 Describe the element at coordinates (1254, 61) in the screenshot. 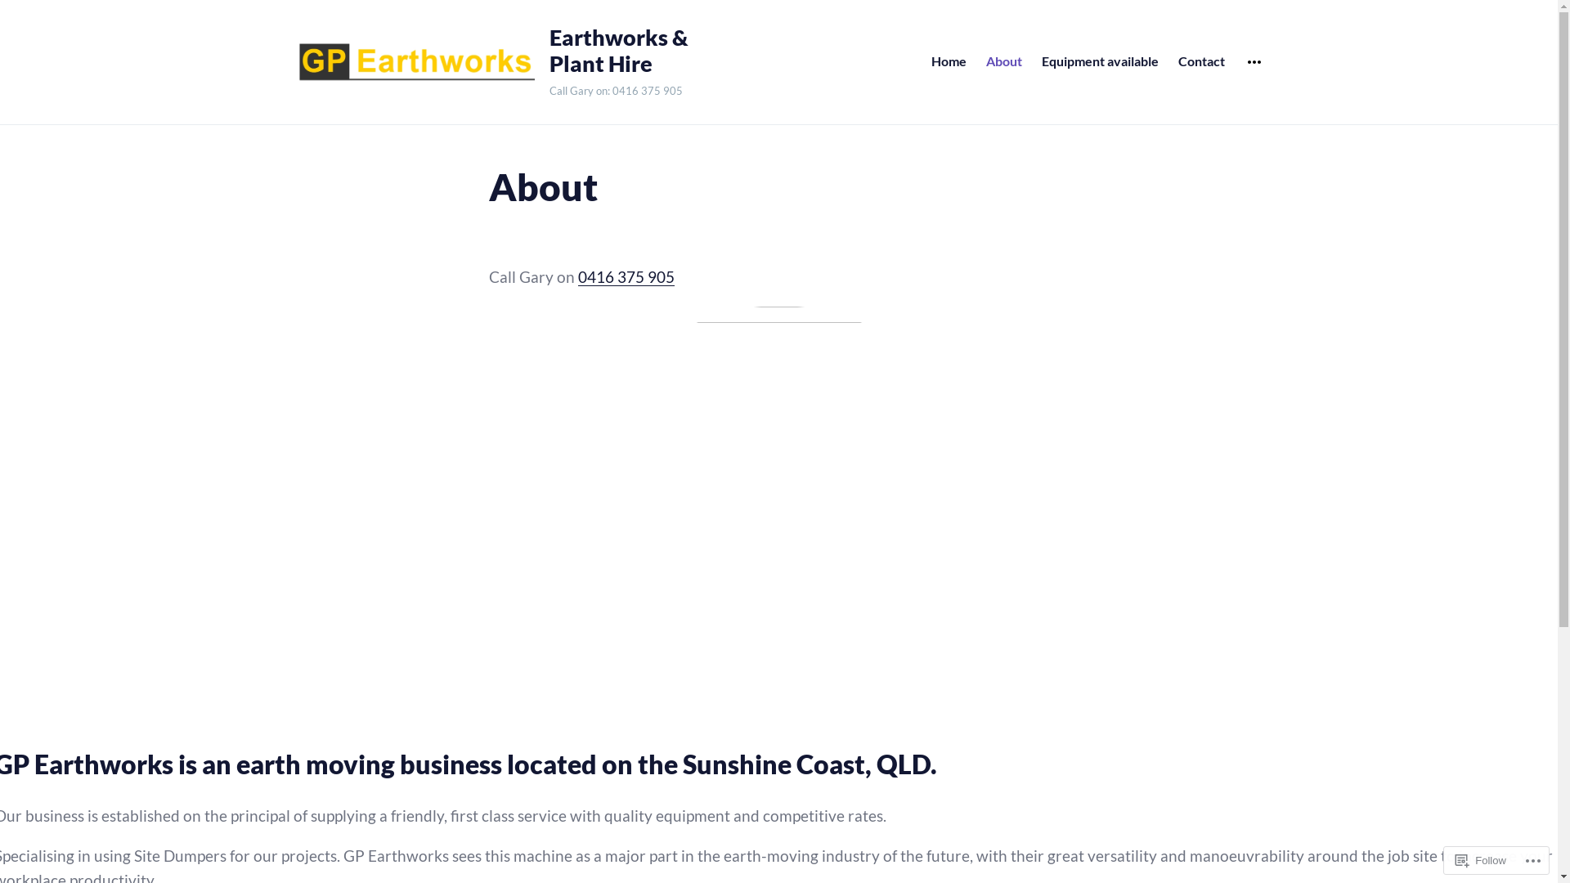

I see `'MORE'` at that location.